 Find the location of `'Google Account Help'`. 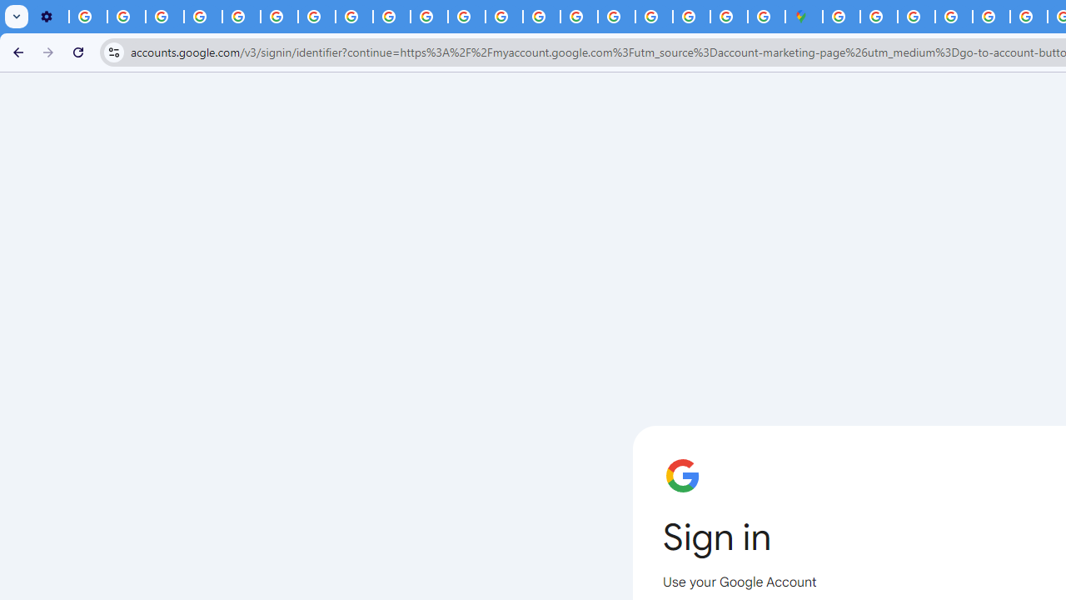

'Google Account Help' is located at coordinates (202, 17).